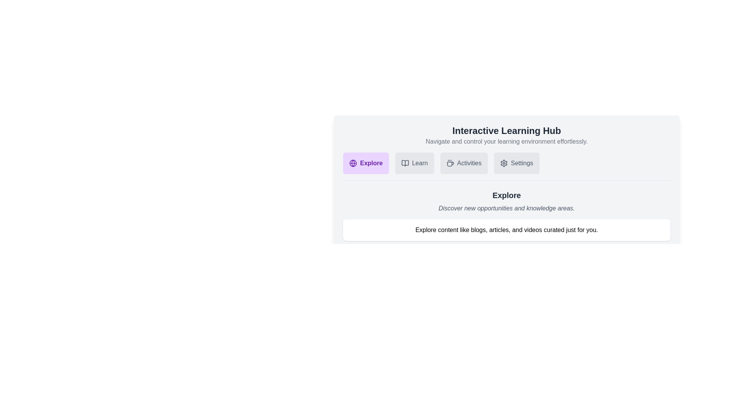 The height and width of the screenshot is (417, 741). Describe the element at coordinates (450, 164) in the screenshot. I see `the coffee cup icon, which is the third item in a group of four minimalist graphical icons located in the upper-middle section of the interface` at that location.